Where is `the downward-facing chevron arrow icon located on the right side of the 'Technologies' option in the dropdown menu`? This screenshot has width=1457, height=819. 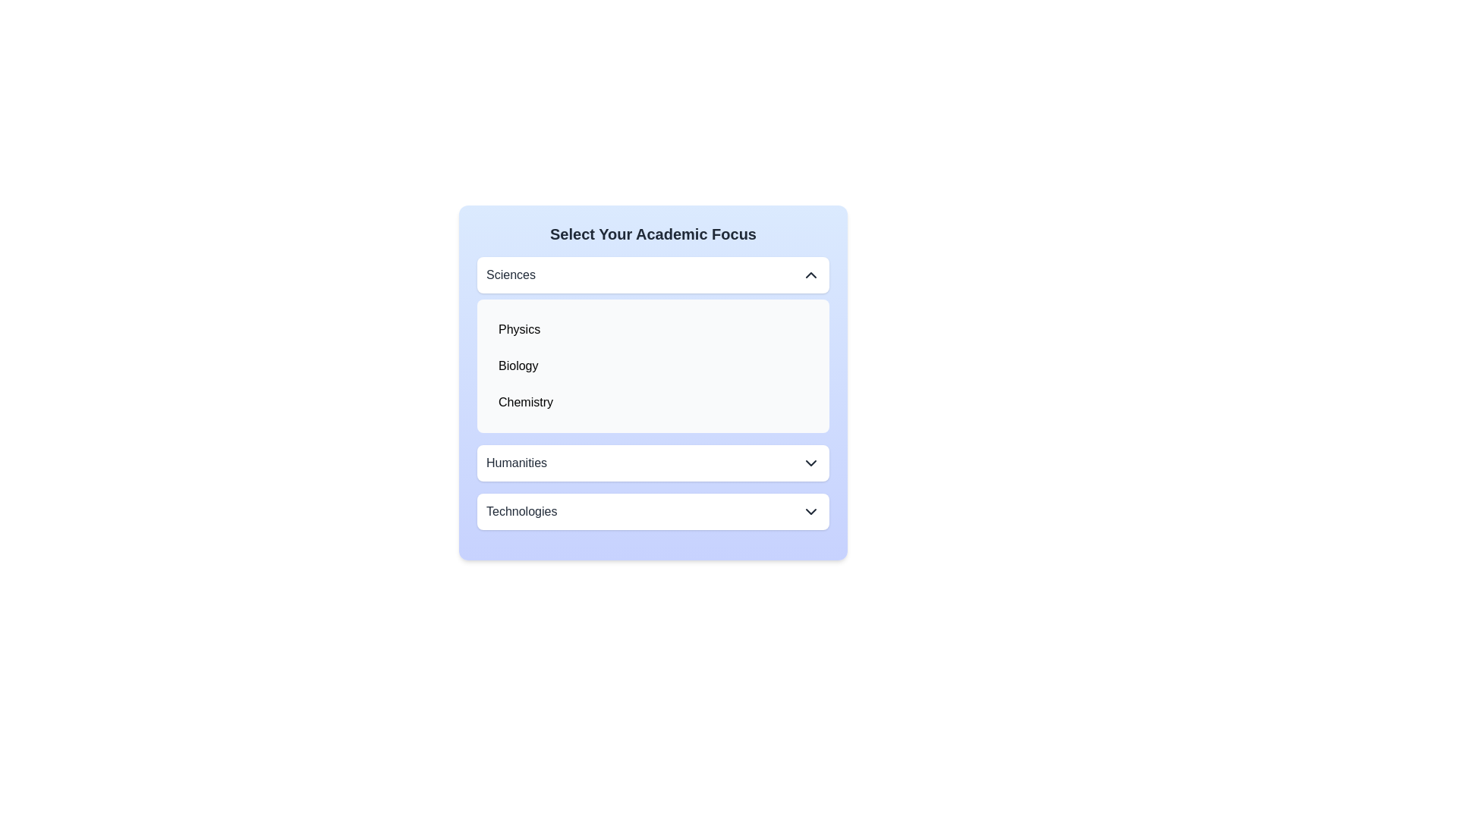 the downward-facing chevron arrow icon located on the right side of the 'Technologies' option in the dropdown menu is located at coordinates (810, 512).